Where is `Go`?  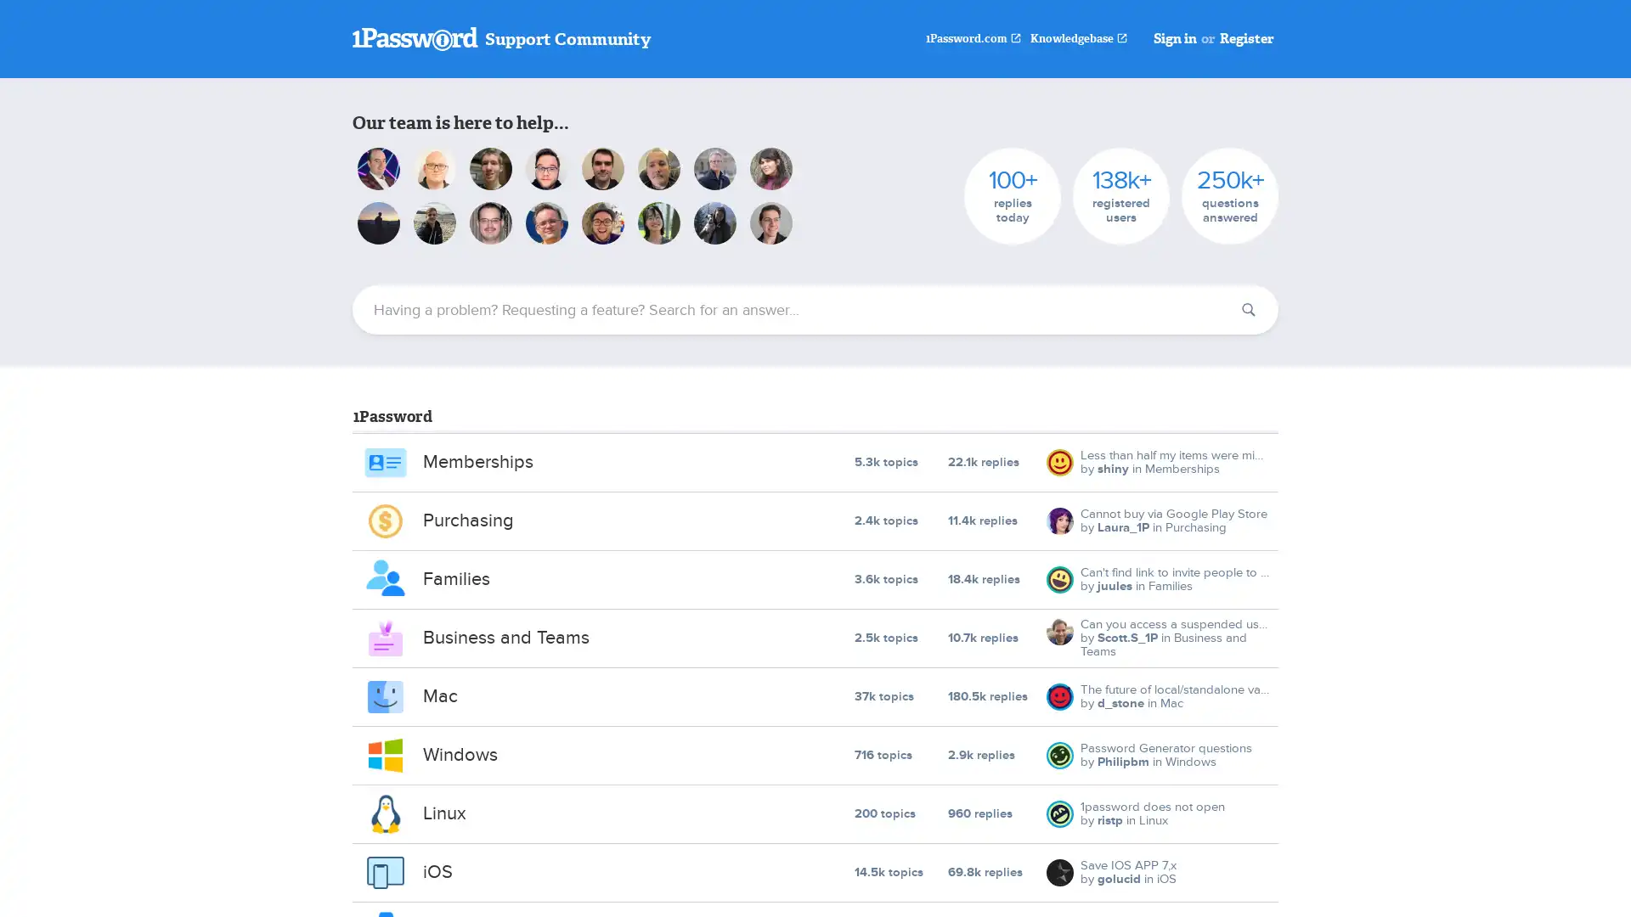 Go is located at coordinates (1248, 310).